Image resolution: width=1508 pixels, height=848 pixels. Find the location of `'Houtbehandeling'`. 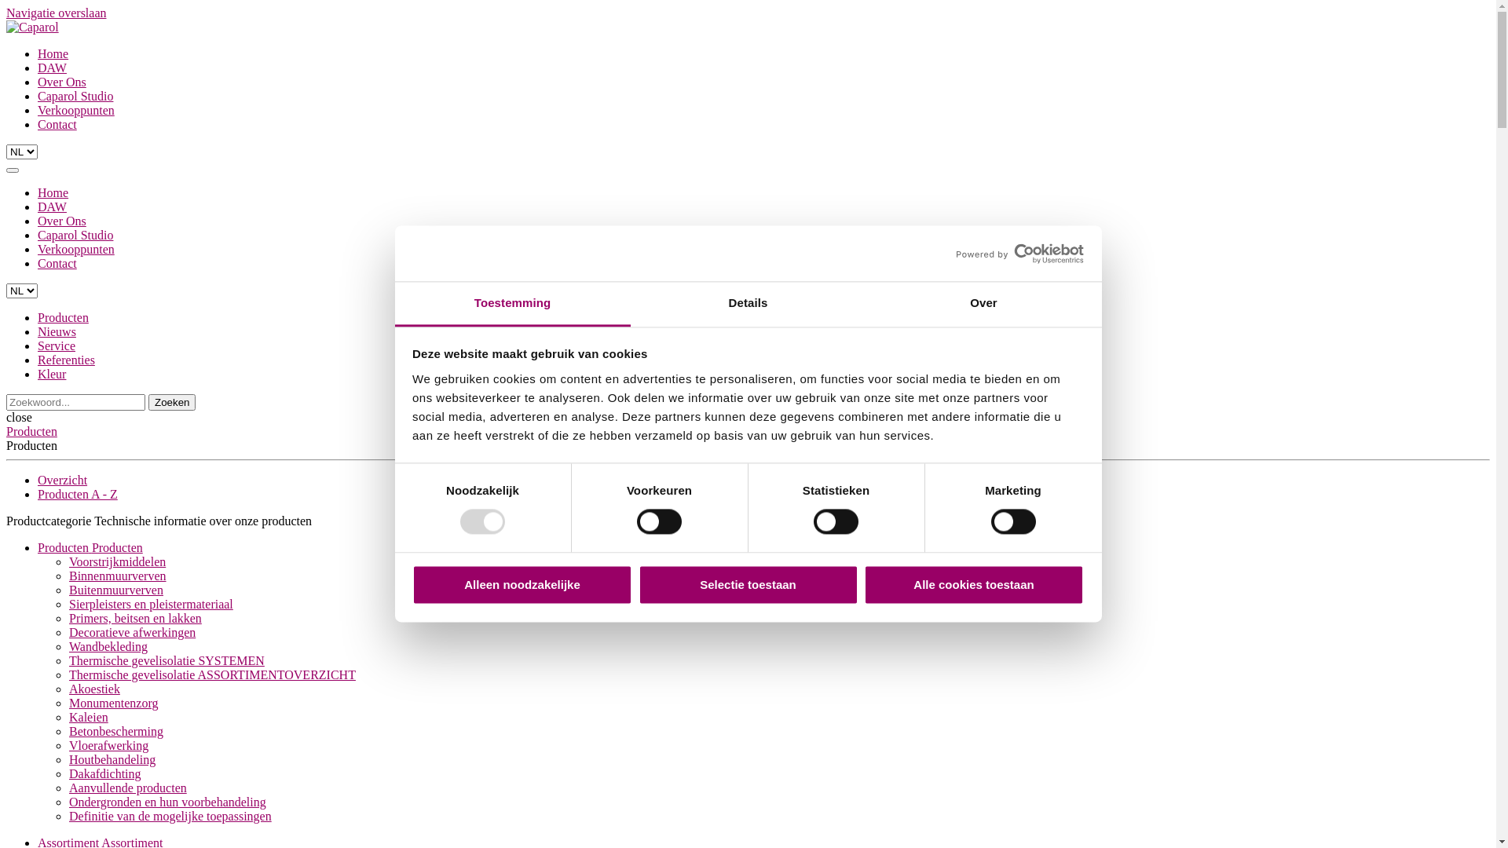

'Houtbehandeling' is located at coordinates (68, 758).